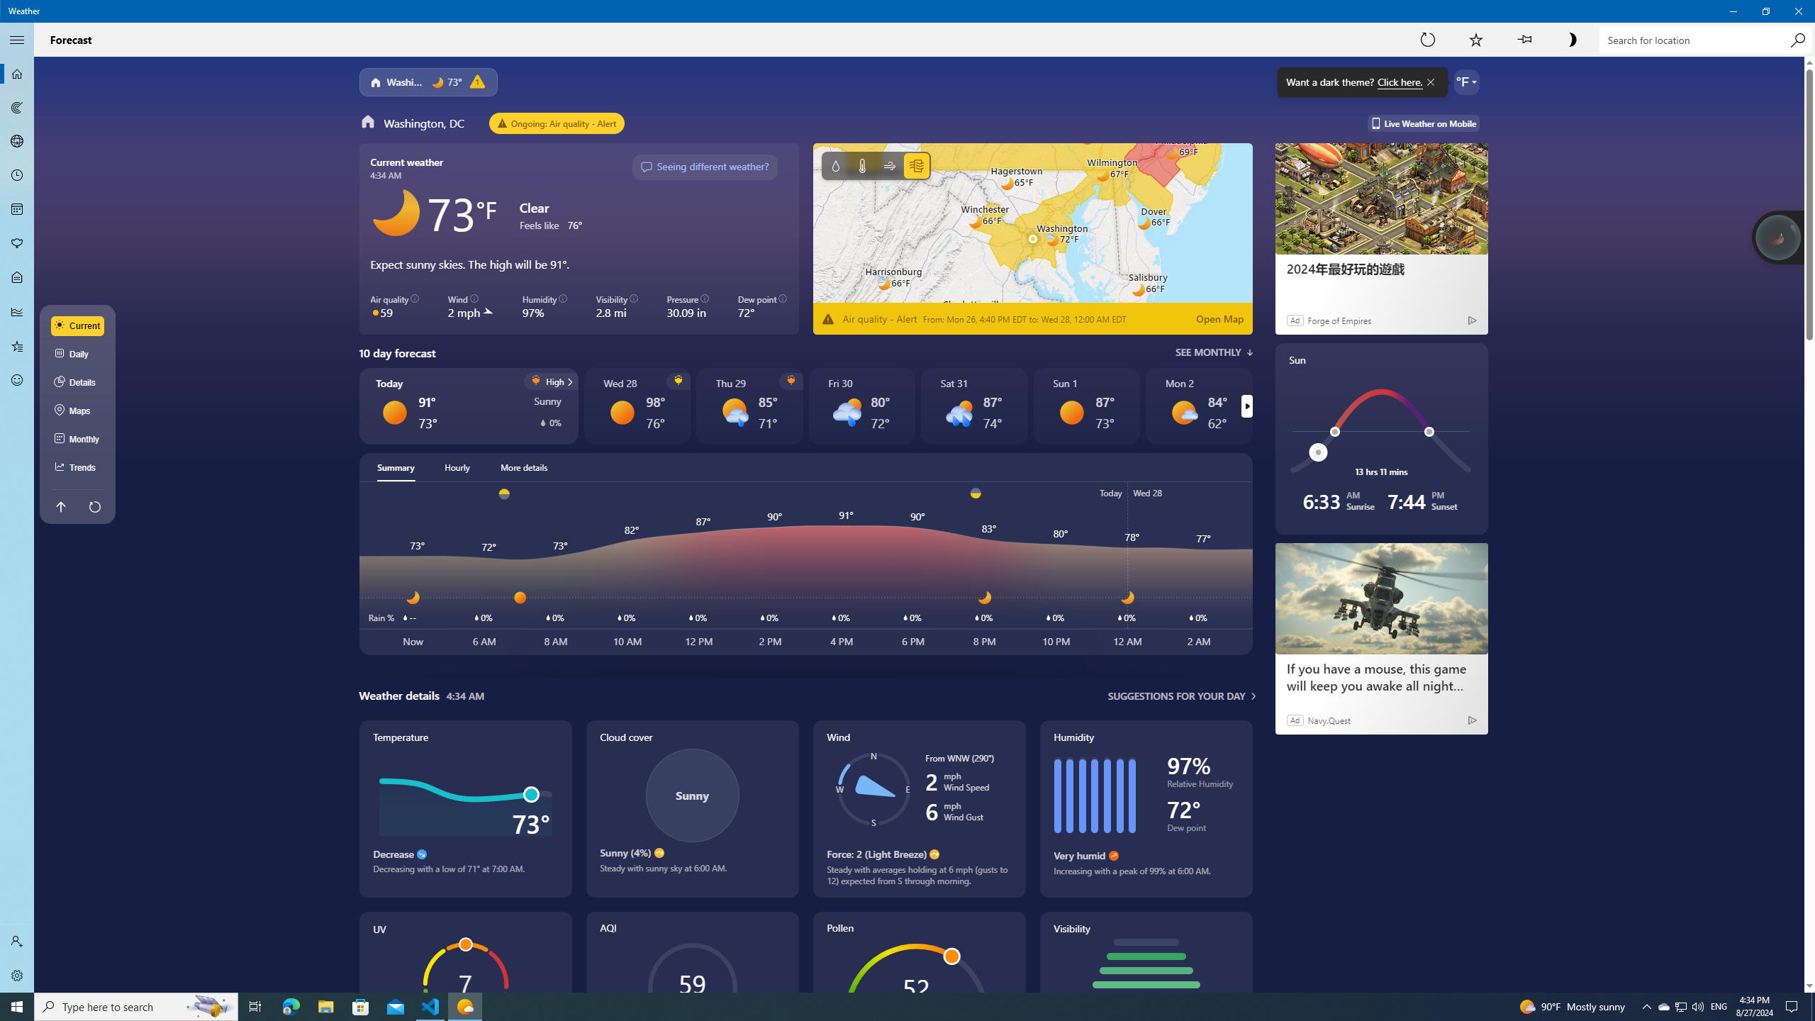  What do you see at coordinates (17, 141) in the screenshot?
I see `'3D Maps - Not Selected'` at bounding box center [17, 141].